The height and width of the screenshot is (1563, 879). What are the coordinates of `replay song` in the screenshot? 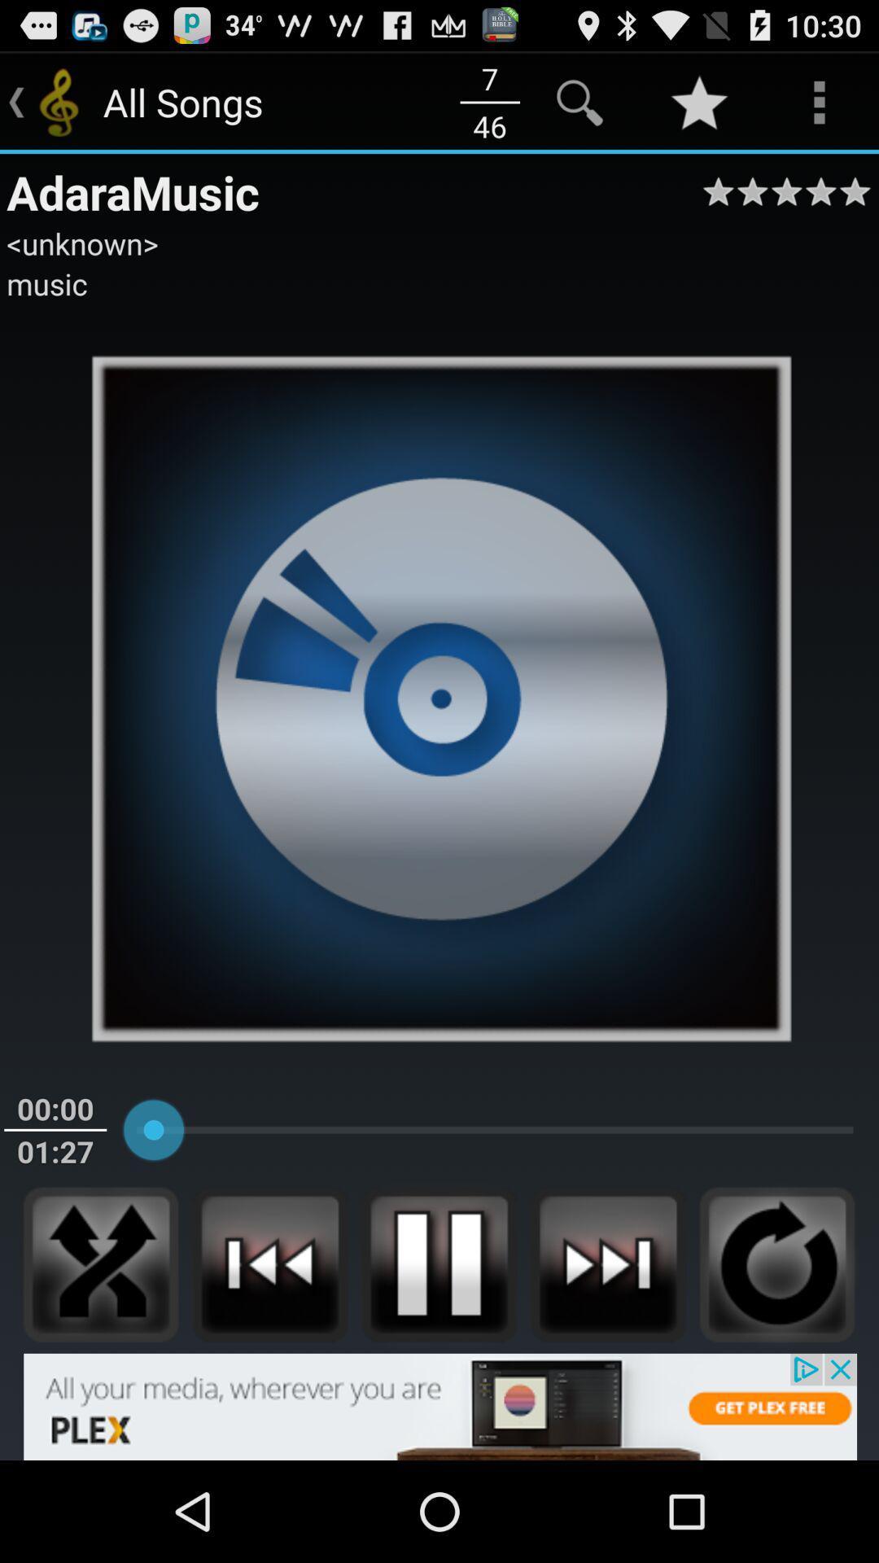 It's located at (776, 1263).